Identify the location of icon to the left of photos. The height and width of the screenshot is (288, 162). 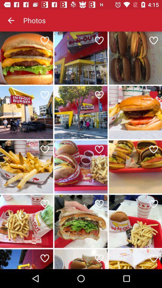
(11, 20).